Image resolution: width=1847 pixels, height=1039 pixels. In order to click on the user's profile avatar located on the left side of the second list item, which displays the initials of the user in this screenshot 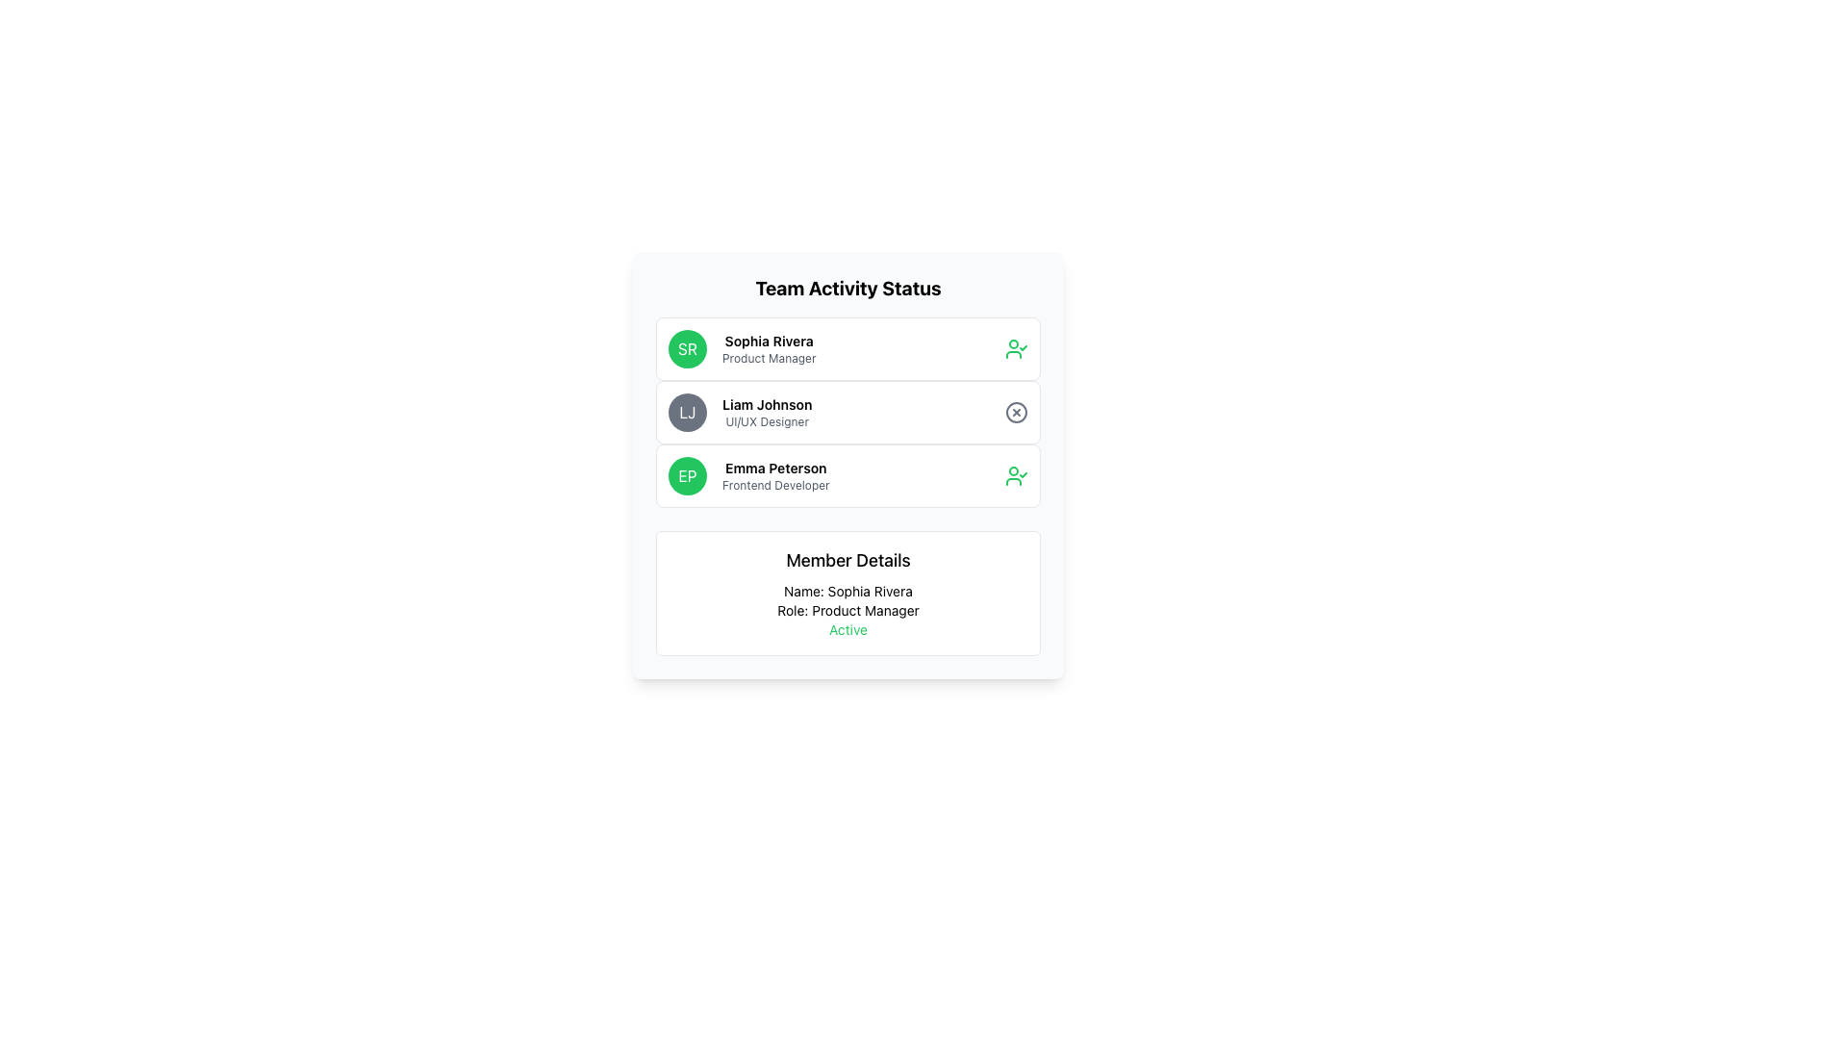, I will do `click(688, 411)`.